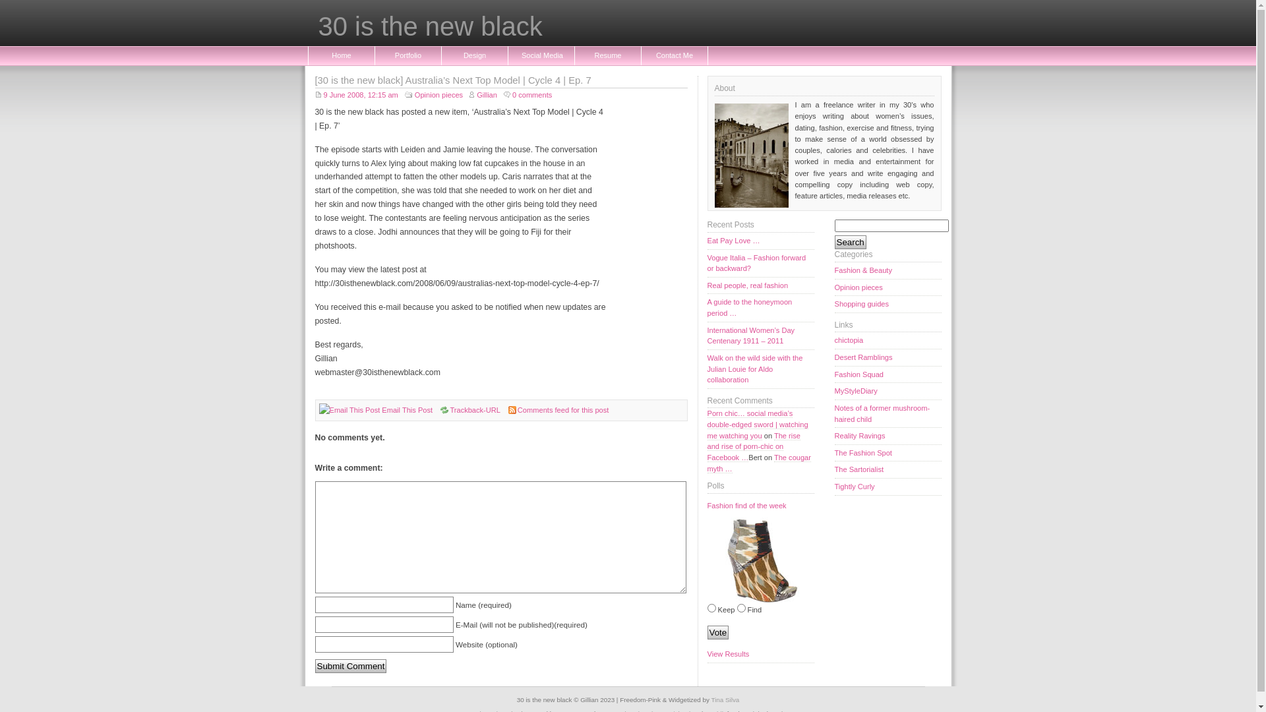  Describe the element at coordinates (834, 469) in the screenshot. I see `'The Sartorialist'` at that location.